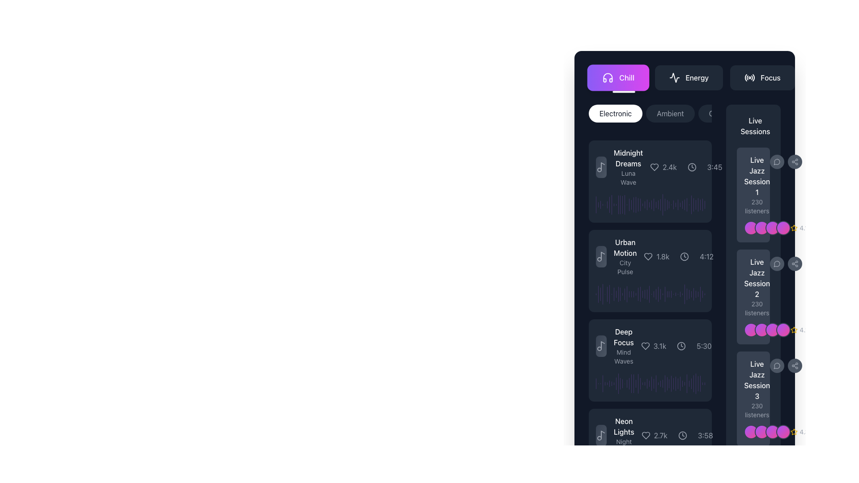 The width and height of the screenshot is (859, 483). Describe the element at coordinates (770, 77) in the screenshot. I see `the 'Focus' text label located in the top-right corner of the interface` at that location.